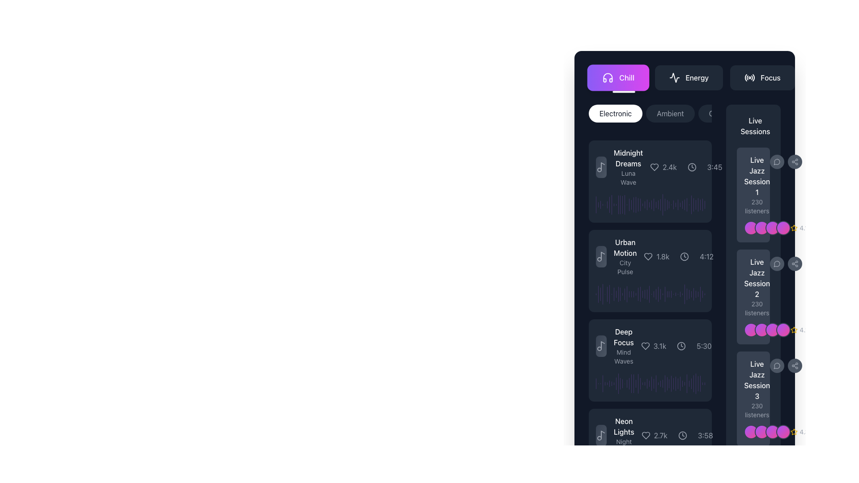 The width and height of the screenshot is (859, 483). Describe the element at coordinates (770, 77) in the screenshot. I see `the 'Focus' text label located in the top-right corner of the interface` at that location.